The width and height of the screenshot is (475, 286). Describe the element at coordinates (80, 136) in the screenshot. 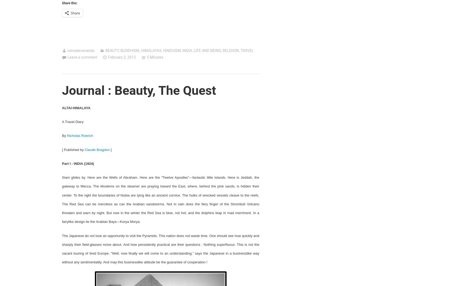

I see `'Nicholas Roerich'` at that location.